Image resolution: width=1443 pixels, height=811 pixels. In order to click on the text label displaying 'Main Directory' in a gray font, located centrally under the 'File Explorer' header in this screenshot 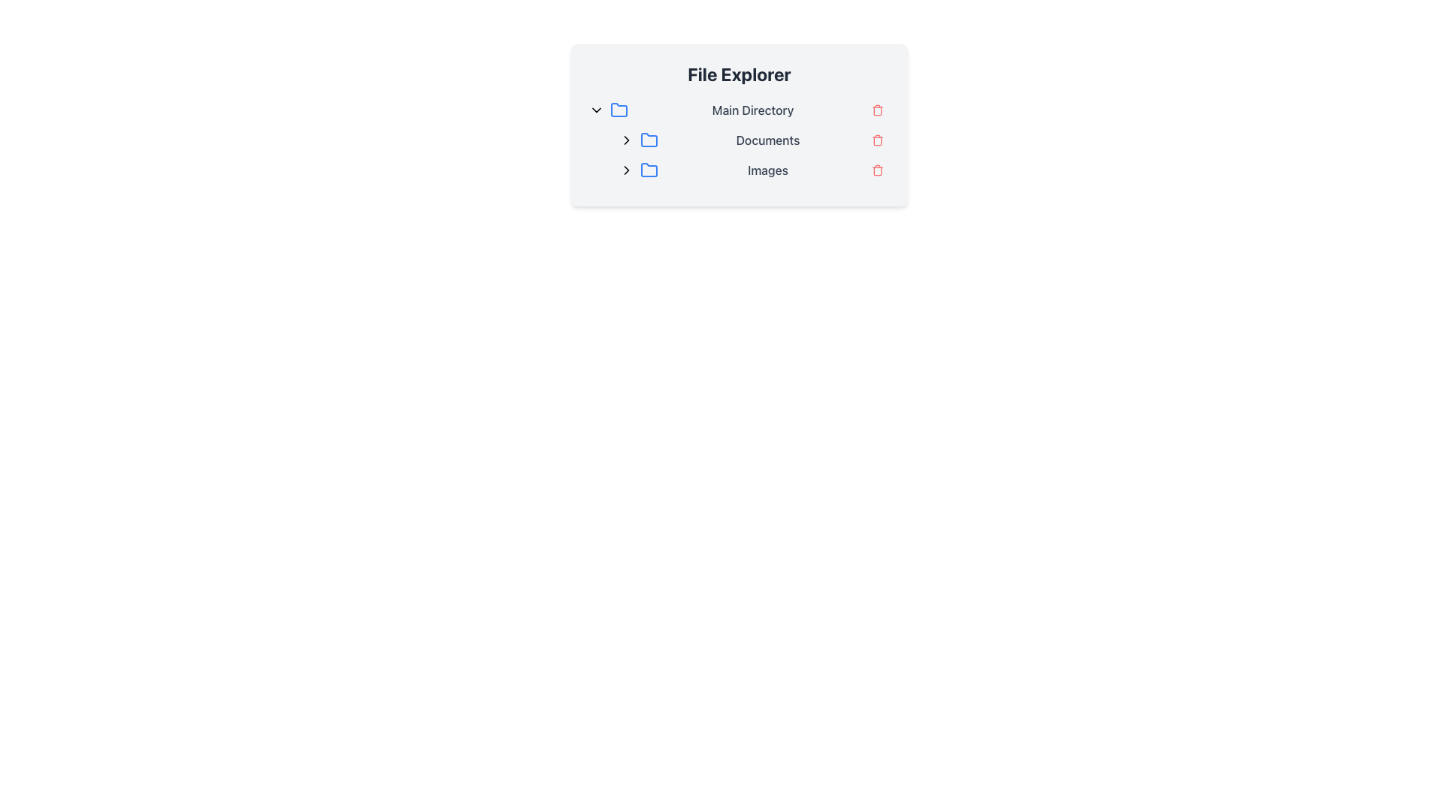, I will do `click(753, 109)`.